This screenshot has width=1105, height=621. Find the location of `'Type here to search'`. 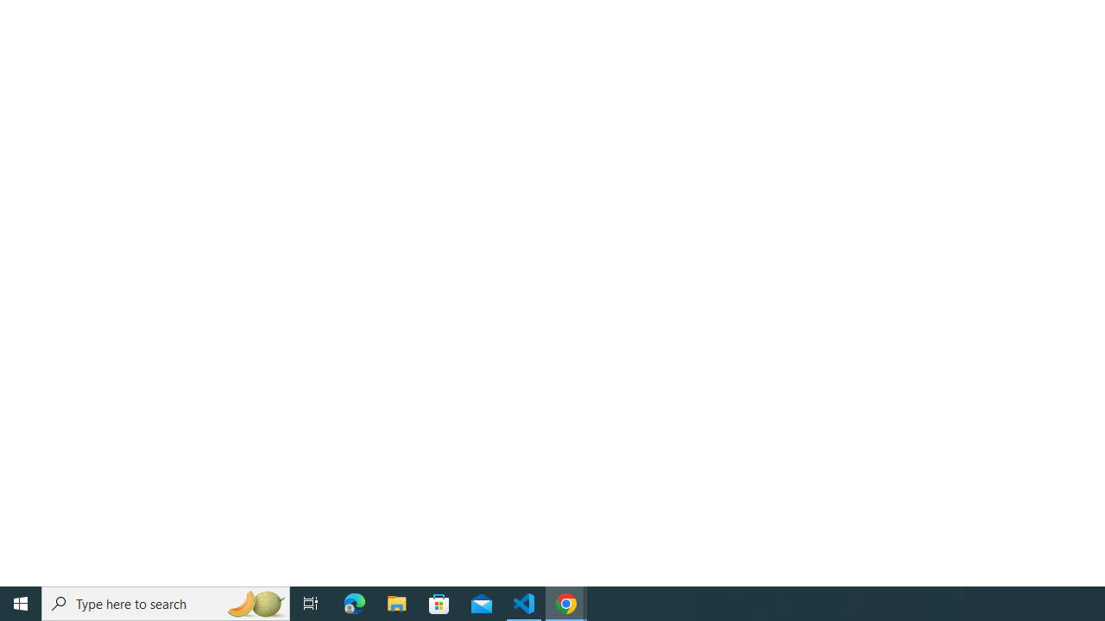

'Type here to search' is located at coordinates (166, 602).